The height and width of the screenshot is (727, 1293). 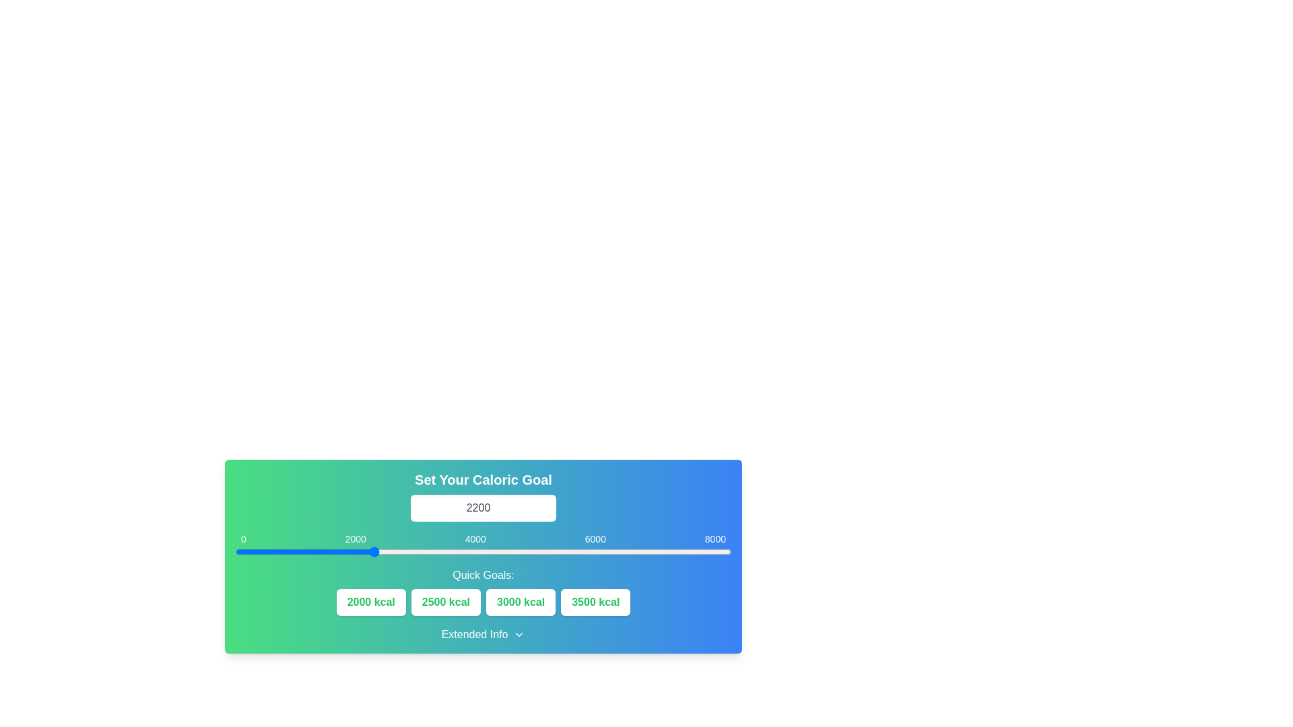 What do you see at coordinates (376, 552) in the screenshot?
I see `the caloric goal` at bounding box center [376, 552].